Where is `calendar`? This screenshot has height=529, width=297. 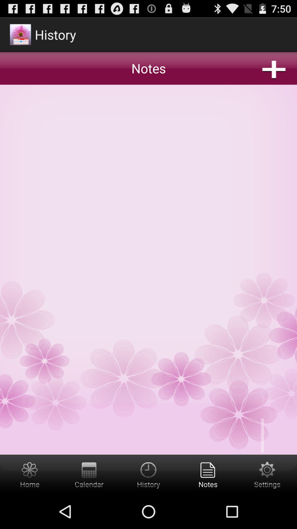 calendar is located at coordinates (89, 474).